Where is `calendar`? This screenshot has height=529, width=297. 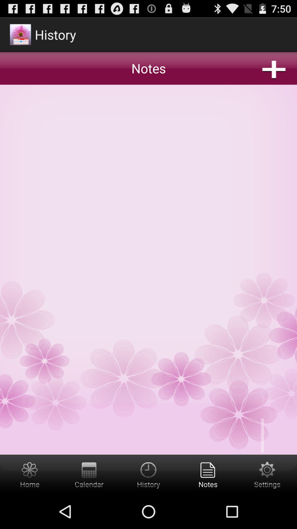 calendar is located at coordinates (89, 474).